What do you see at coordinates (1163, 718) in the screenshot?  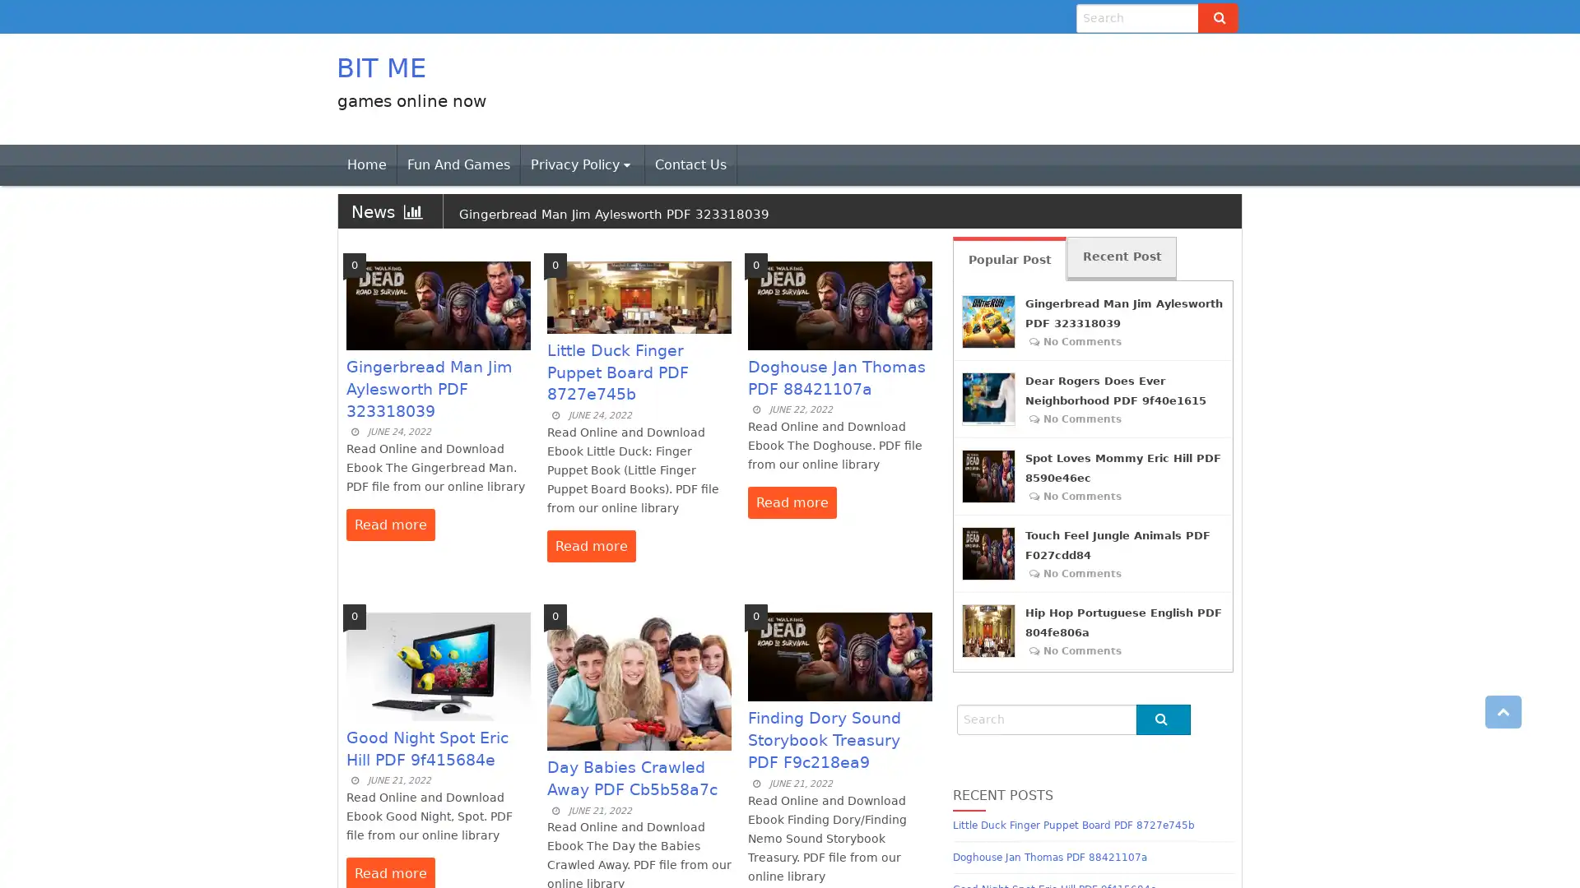 I see `Go` at bounding box center [1163, 718].